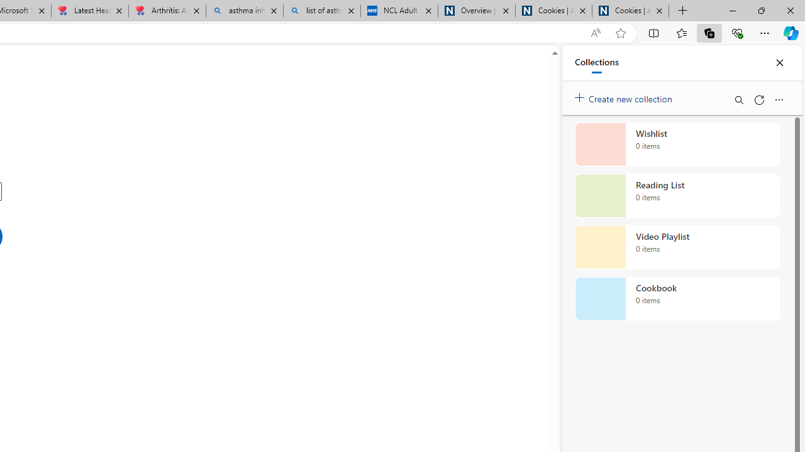  Describe the element at coordinates (677, 247) in the screenshot. I see `'Video Playlist collection, 0 items'` at that location.